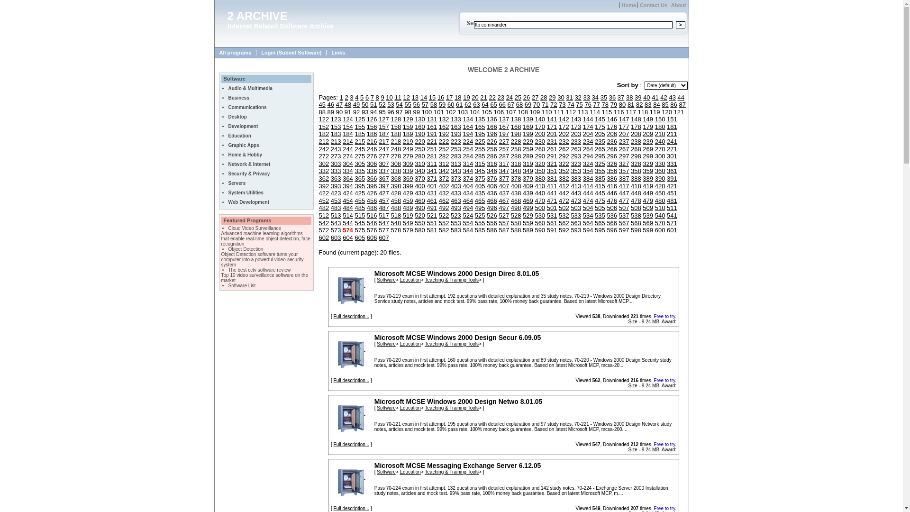 Image resolution: width=910 pixels, height=512 pixels. I want to click on '249', so click(402, 149).